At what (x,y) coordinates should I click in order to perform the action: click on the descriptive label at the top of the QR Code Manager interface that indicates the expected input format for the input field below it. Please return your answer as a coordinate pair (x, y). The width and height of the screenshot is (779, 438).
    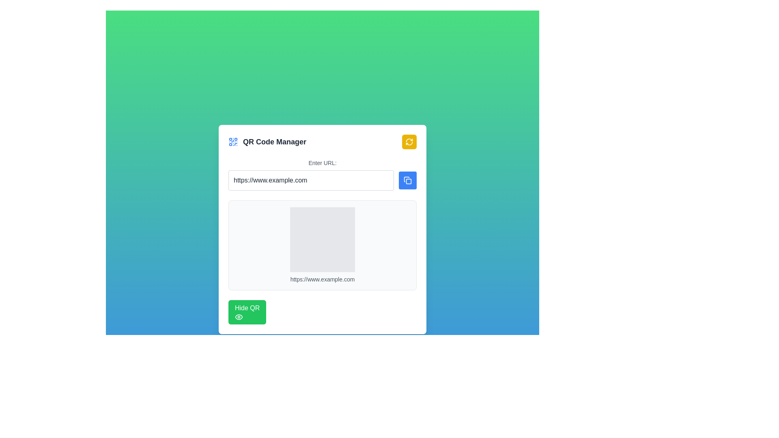
    Looking at the image, I should click on (322, 163).